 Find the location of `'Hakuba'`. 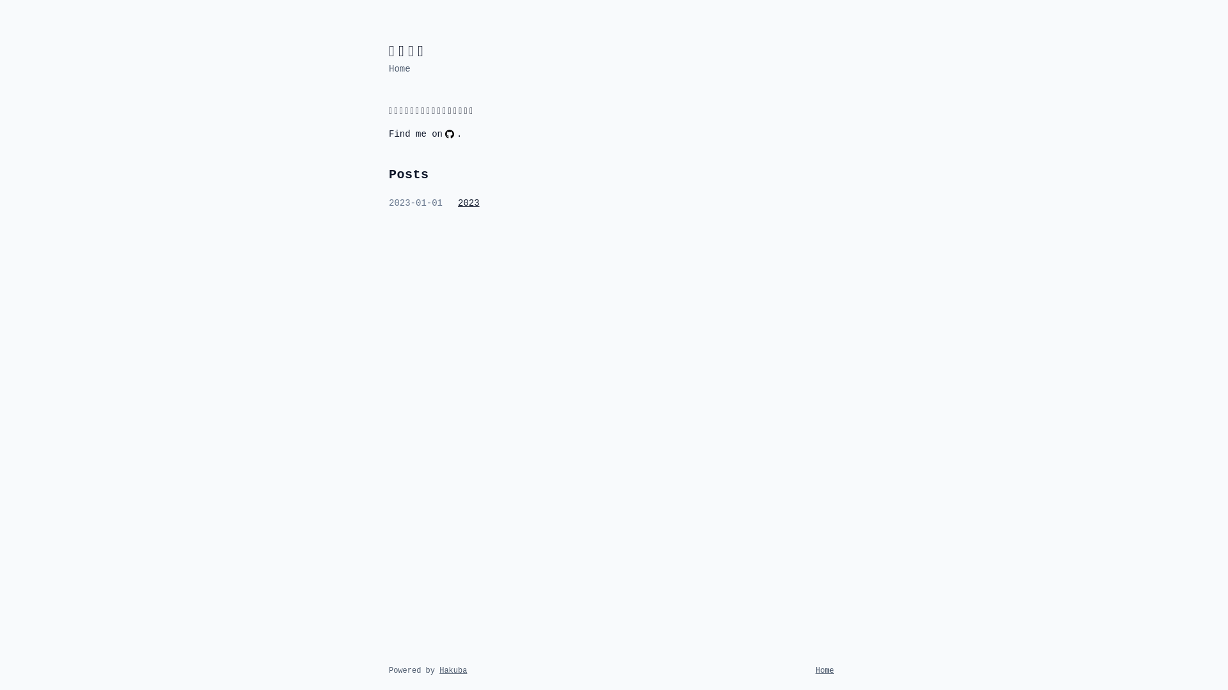

'Hakuba' is located at coordinates (453, 670).